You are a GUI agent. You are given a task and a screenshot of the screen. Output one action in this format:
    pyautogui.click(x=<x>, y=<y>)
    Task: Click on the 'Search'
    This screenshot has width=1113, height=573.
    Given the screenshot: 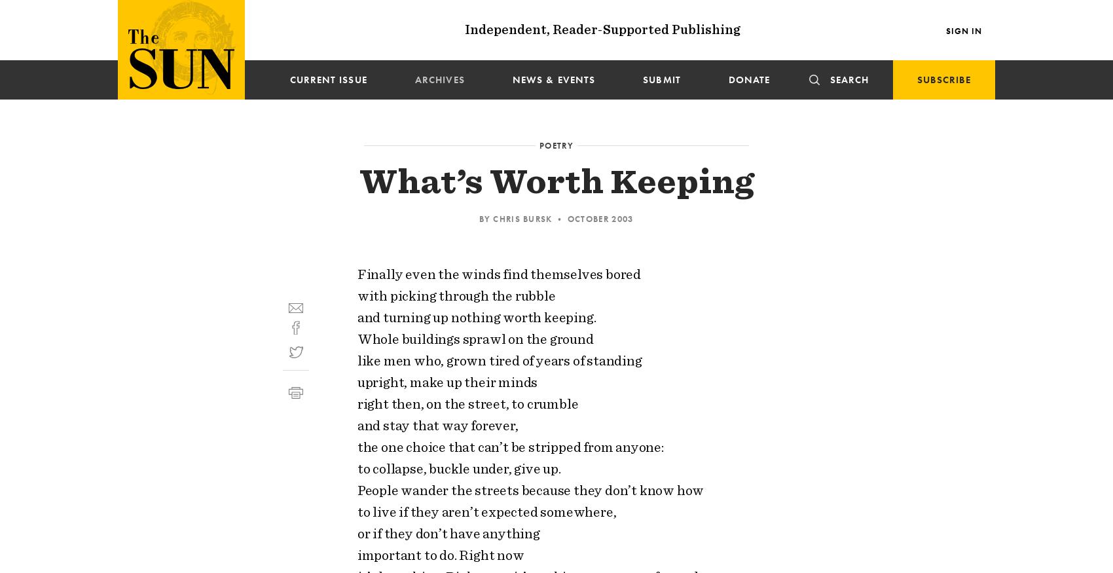 What is the action you would take?
    pyautogui.click(x=829, y=79)
    